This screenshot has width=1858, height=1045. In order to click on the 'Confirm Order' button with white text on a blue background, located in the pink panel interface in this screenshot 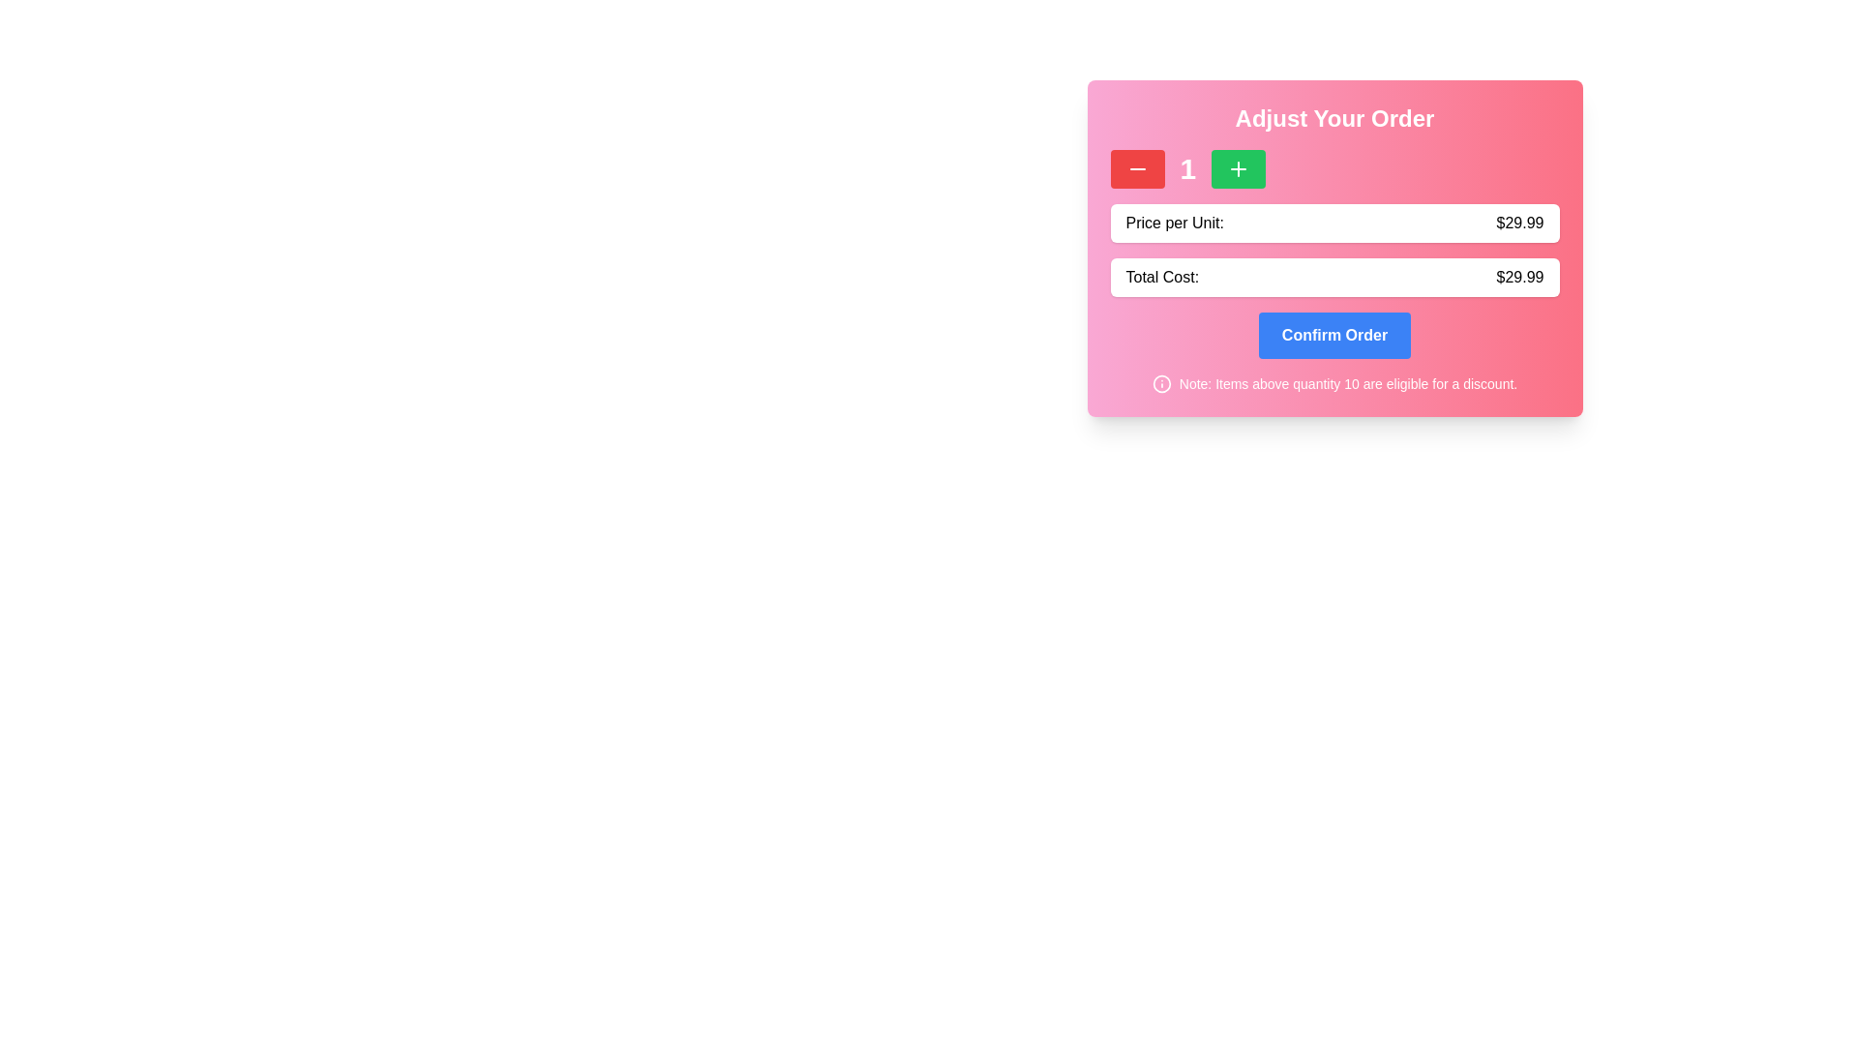, I will do `click(1334, 335)`.